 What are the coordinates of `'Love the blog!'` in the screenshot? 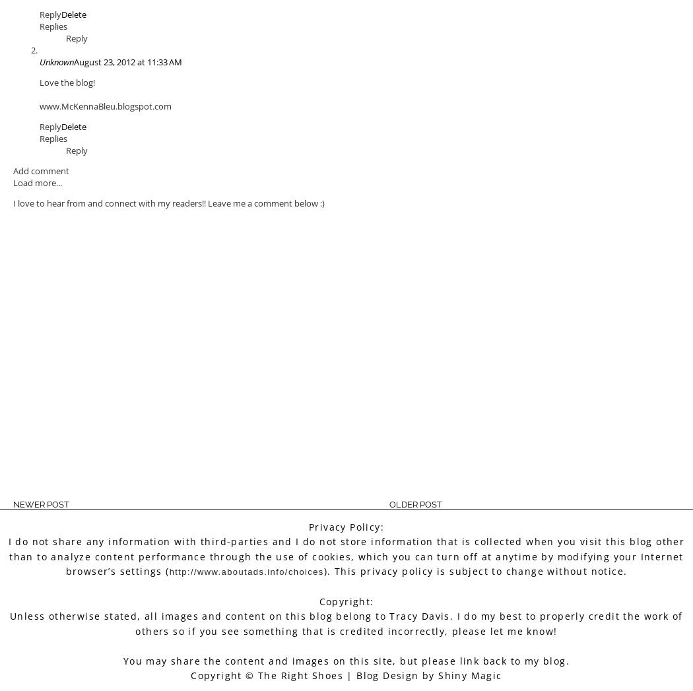 It's located at (38, 82).